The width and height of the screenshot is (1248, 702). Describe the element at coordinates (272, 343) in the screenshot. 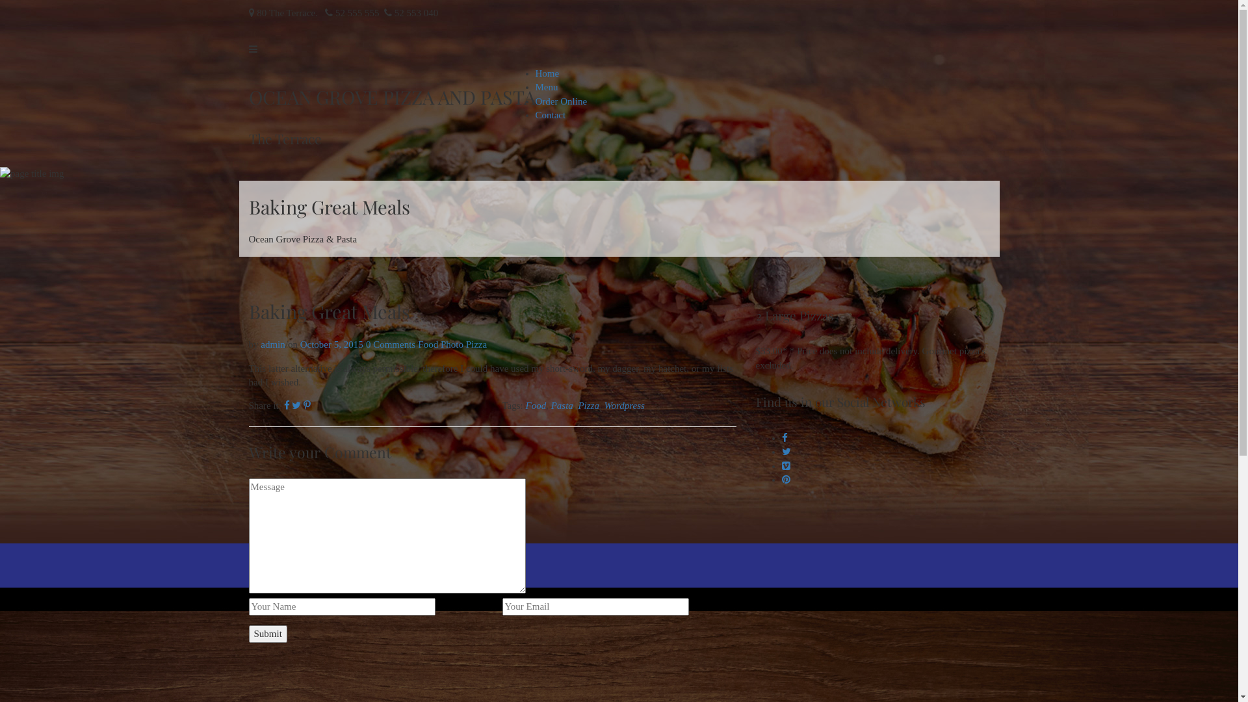

I see `'admin'` at that location.